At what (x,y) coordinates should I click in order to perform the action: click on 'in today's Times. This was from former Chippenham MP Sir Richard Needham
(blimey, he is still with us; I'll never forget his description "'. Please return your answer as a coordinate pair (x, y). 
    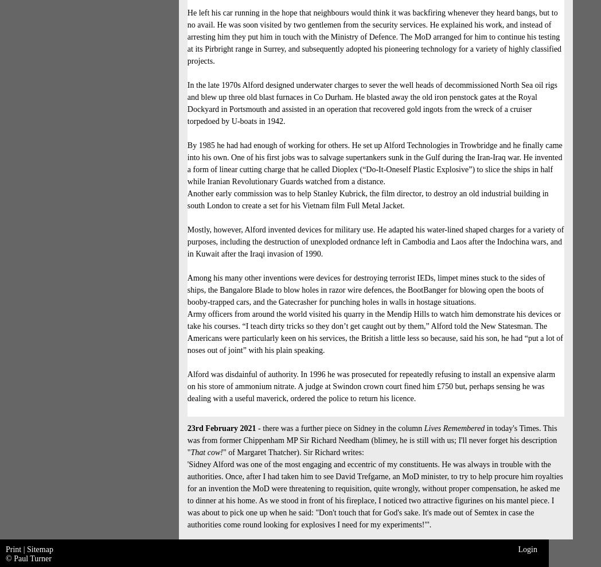
    Looking at the image, I should click on (187, 440).